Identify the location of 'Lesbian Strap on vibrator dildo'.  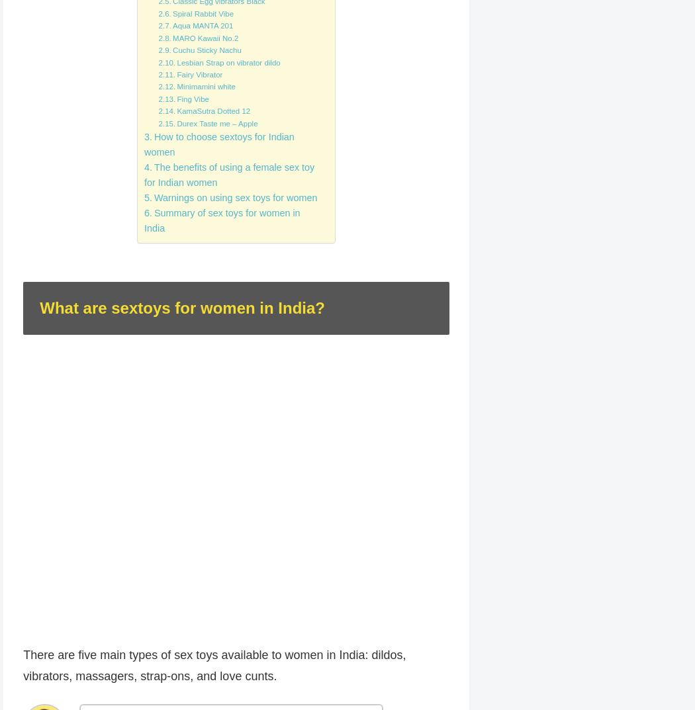
(228, 62).